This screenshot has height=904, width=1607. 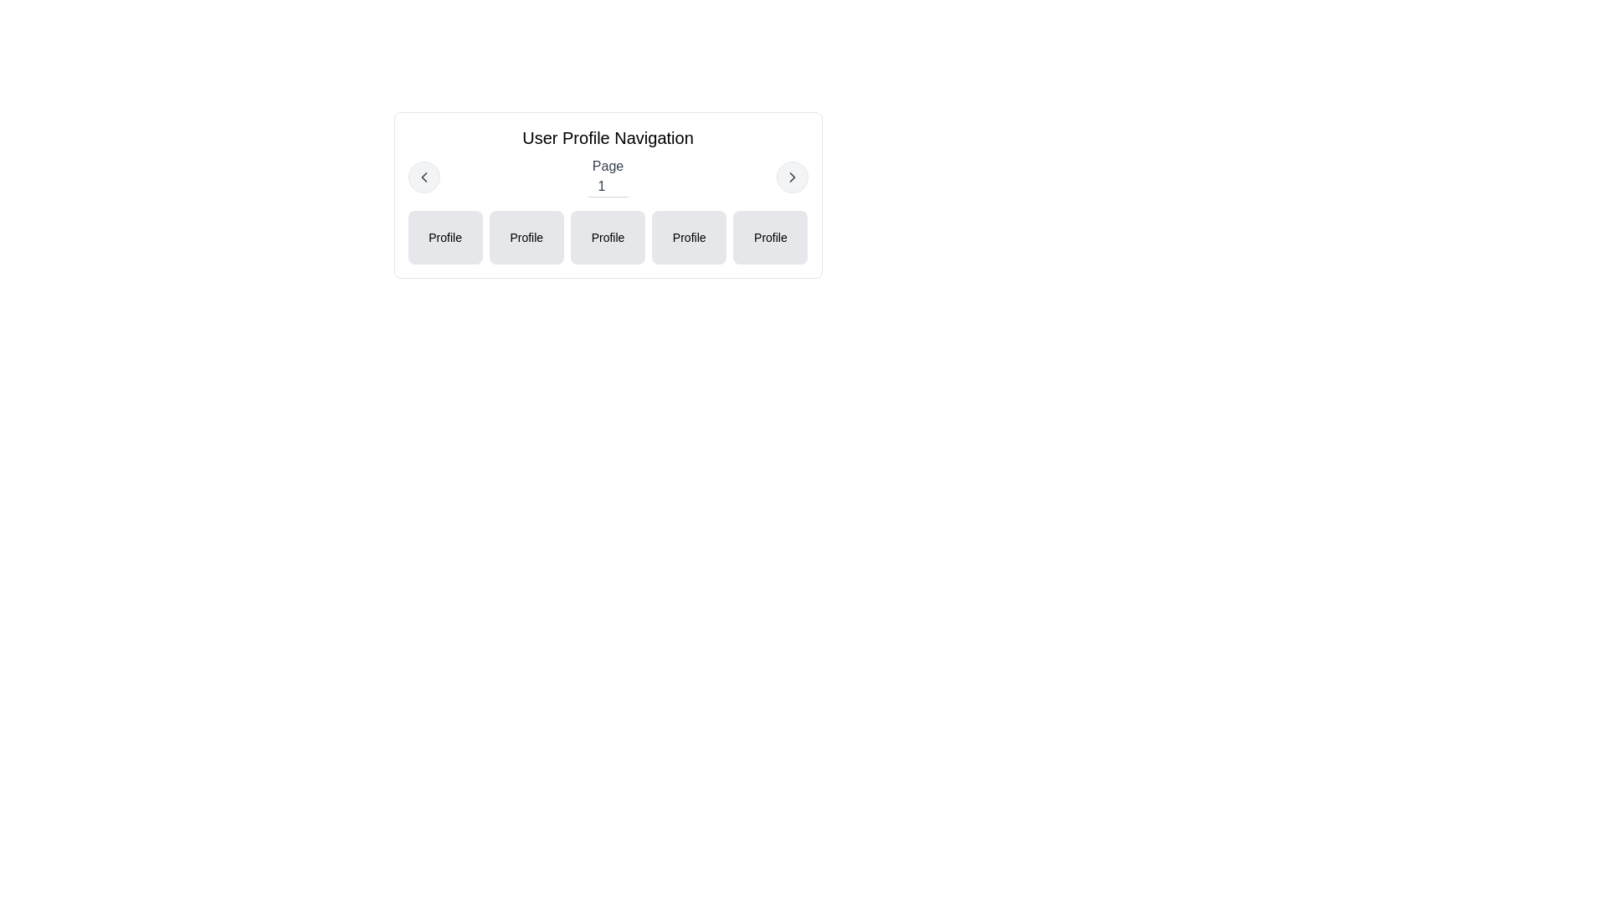 I want to click on the 'Profile' button located in the top-right corner of a horizontal grid of five buttons, so click(x=769, y=238).